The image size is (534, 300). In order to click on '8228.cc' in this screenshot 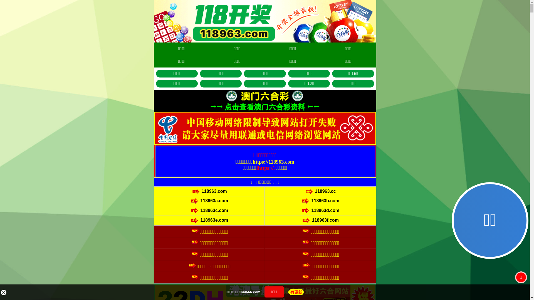, I will do `click(241, 202)`.